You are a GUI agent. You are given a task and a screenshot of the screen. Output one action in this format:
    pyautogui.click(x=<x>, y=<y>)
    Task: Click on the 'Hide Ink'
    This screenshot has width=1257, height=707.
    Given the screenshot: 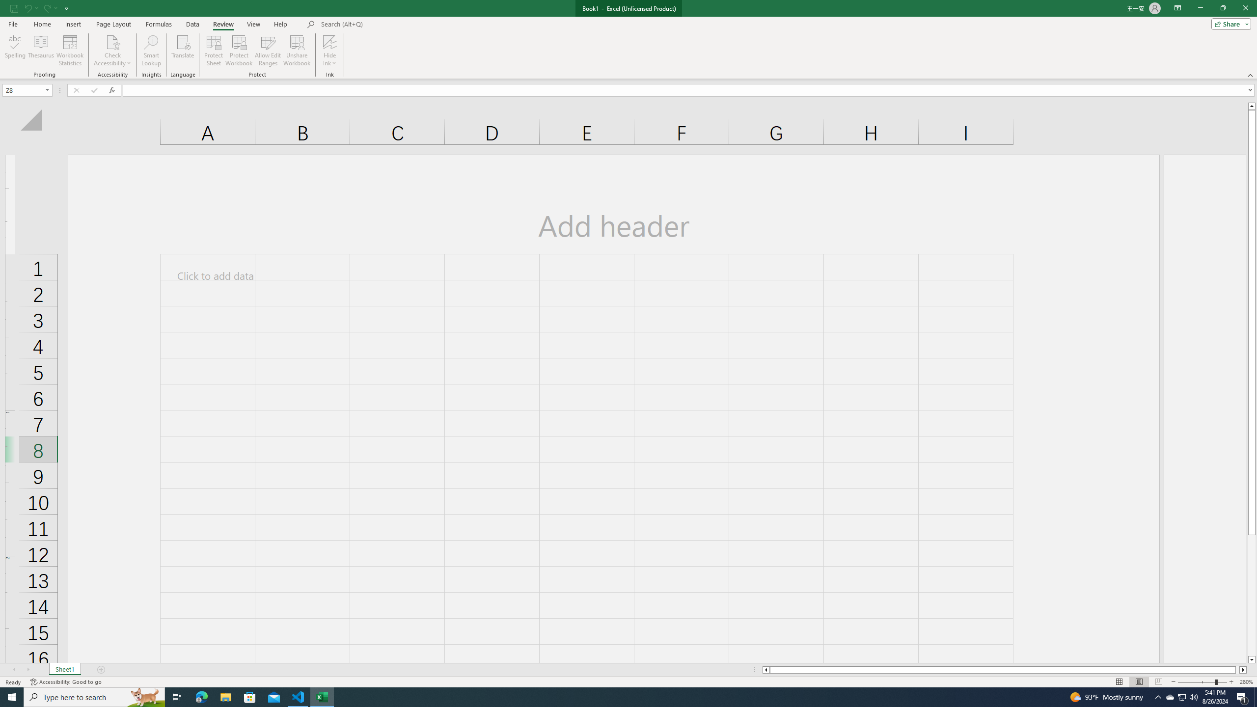 What is the action you would take?
    pyautogui.click(x=330, y=41)
    